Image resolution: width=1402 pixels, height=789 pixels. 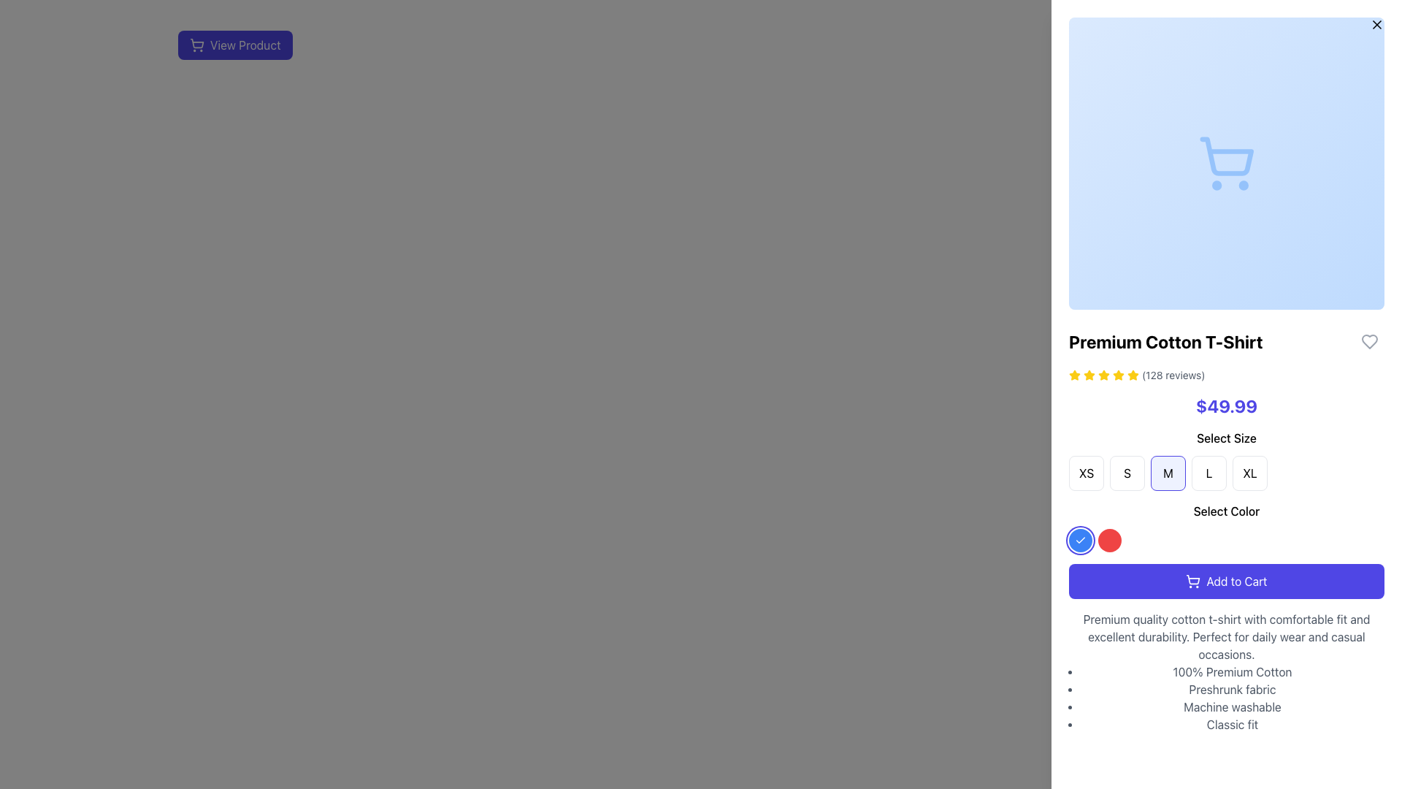 What do you see at coordinates (1087, 473) in the screenshot?
I see `the 'XS' size button, which is a small, square button with rounded corners displaying the text 'XS' in bold black font and located at the beginning of the size selection row` at bounding box center [1087, 473].